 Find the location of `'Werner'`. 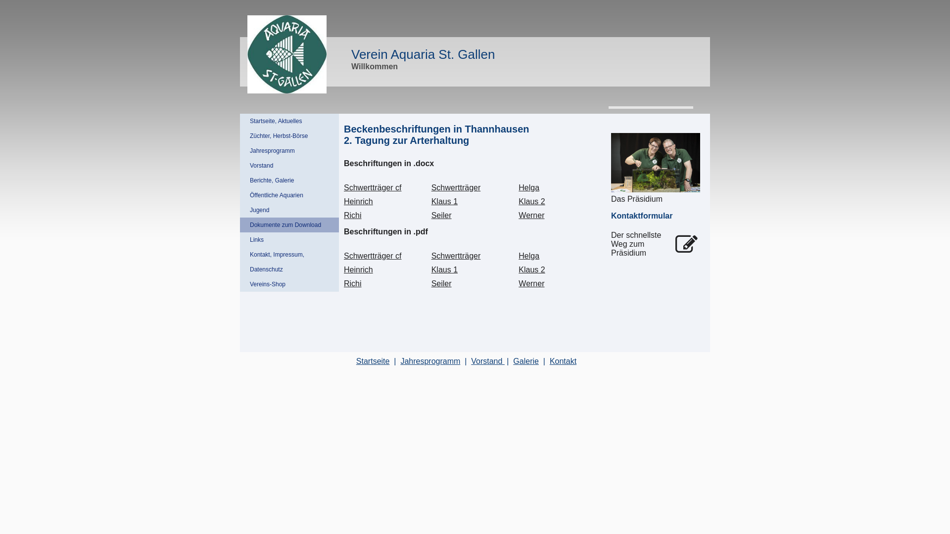

'Werner' is located at coordinates (531, 215).